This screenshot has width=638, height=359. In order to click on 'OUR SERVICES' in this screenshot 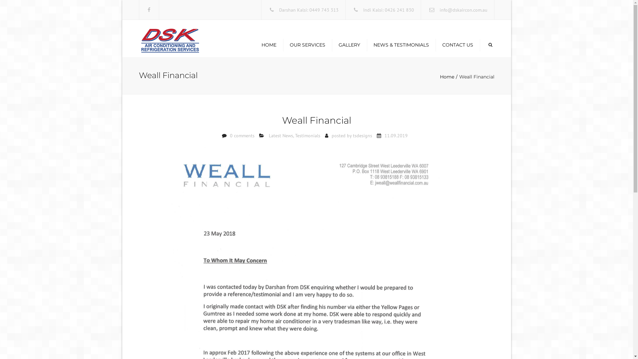, I will do `click(307, 45)`.